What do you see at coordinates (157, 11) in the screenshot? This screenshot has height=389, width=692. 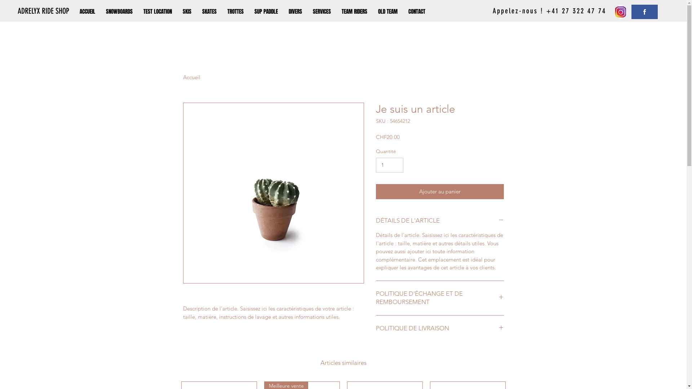 I see `'TEST LOCATION'` at bounding box center [157, 11].